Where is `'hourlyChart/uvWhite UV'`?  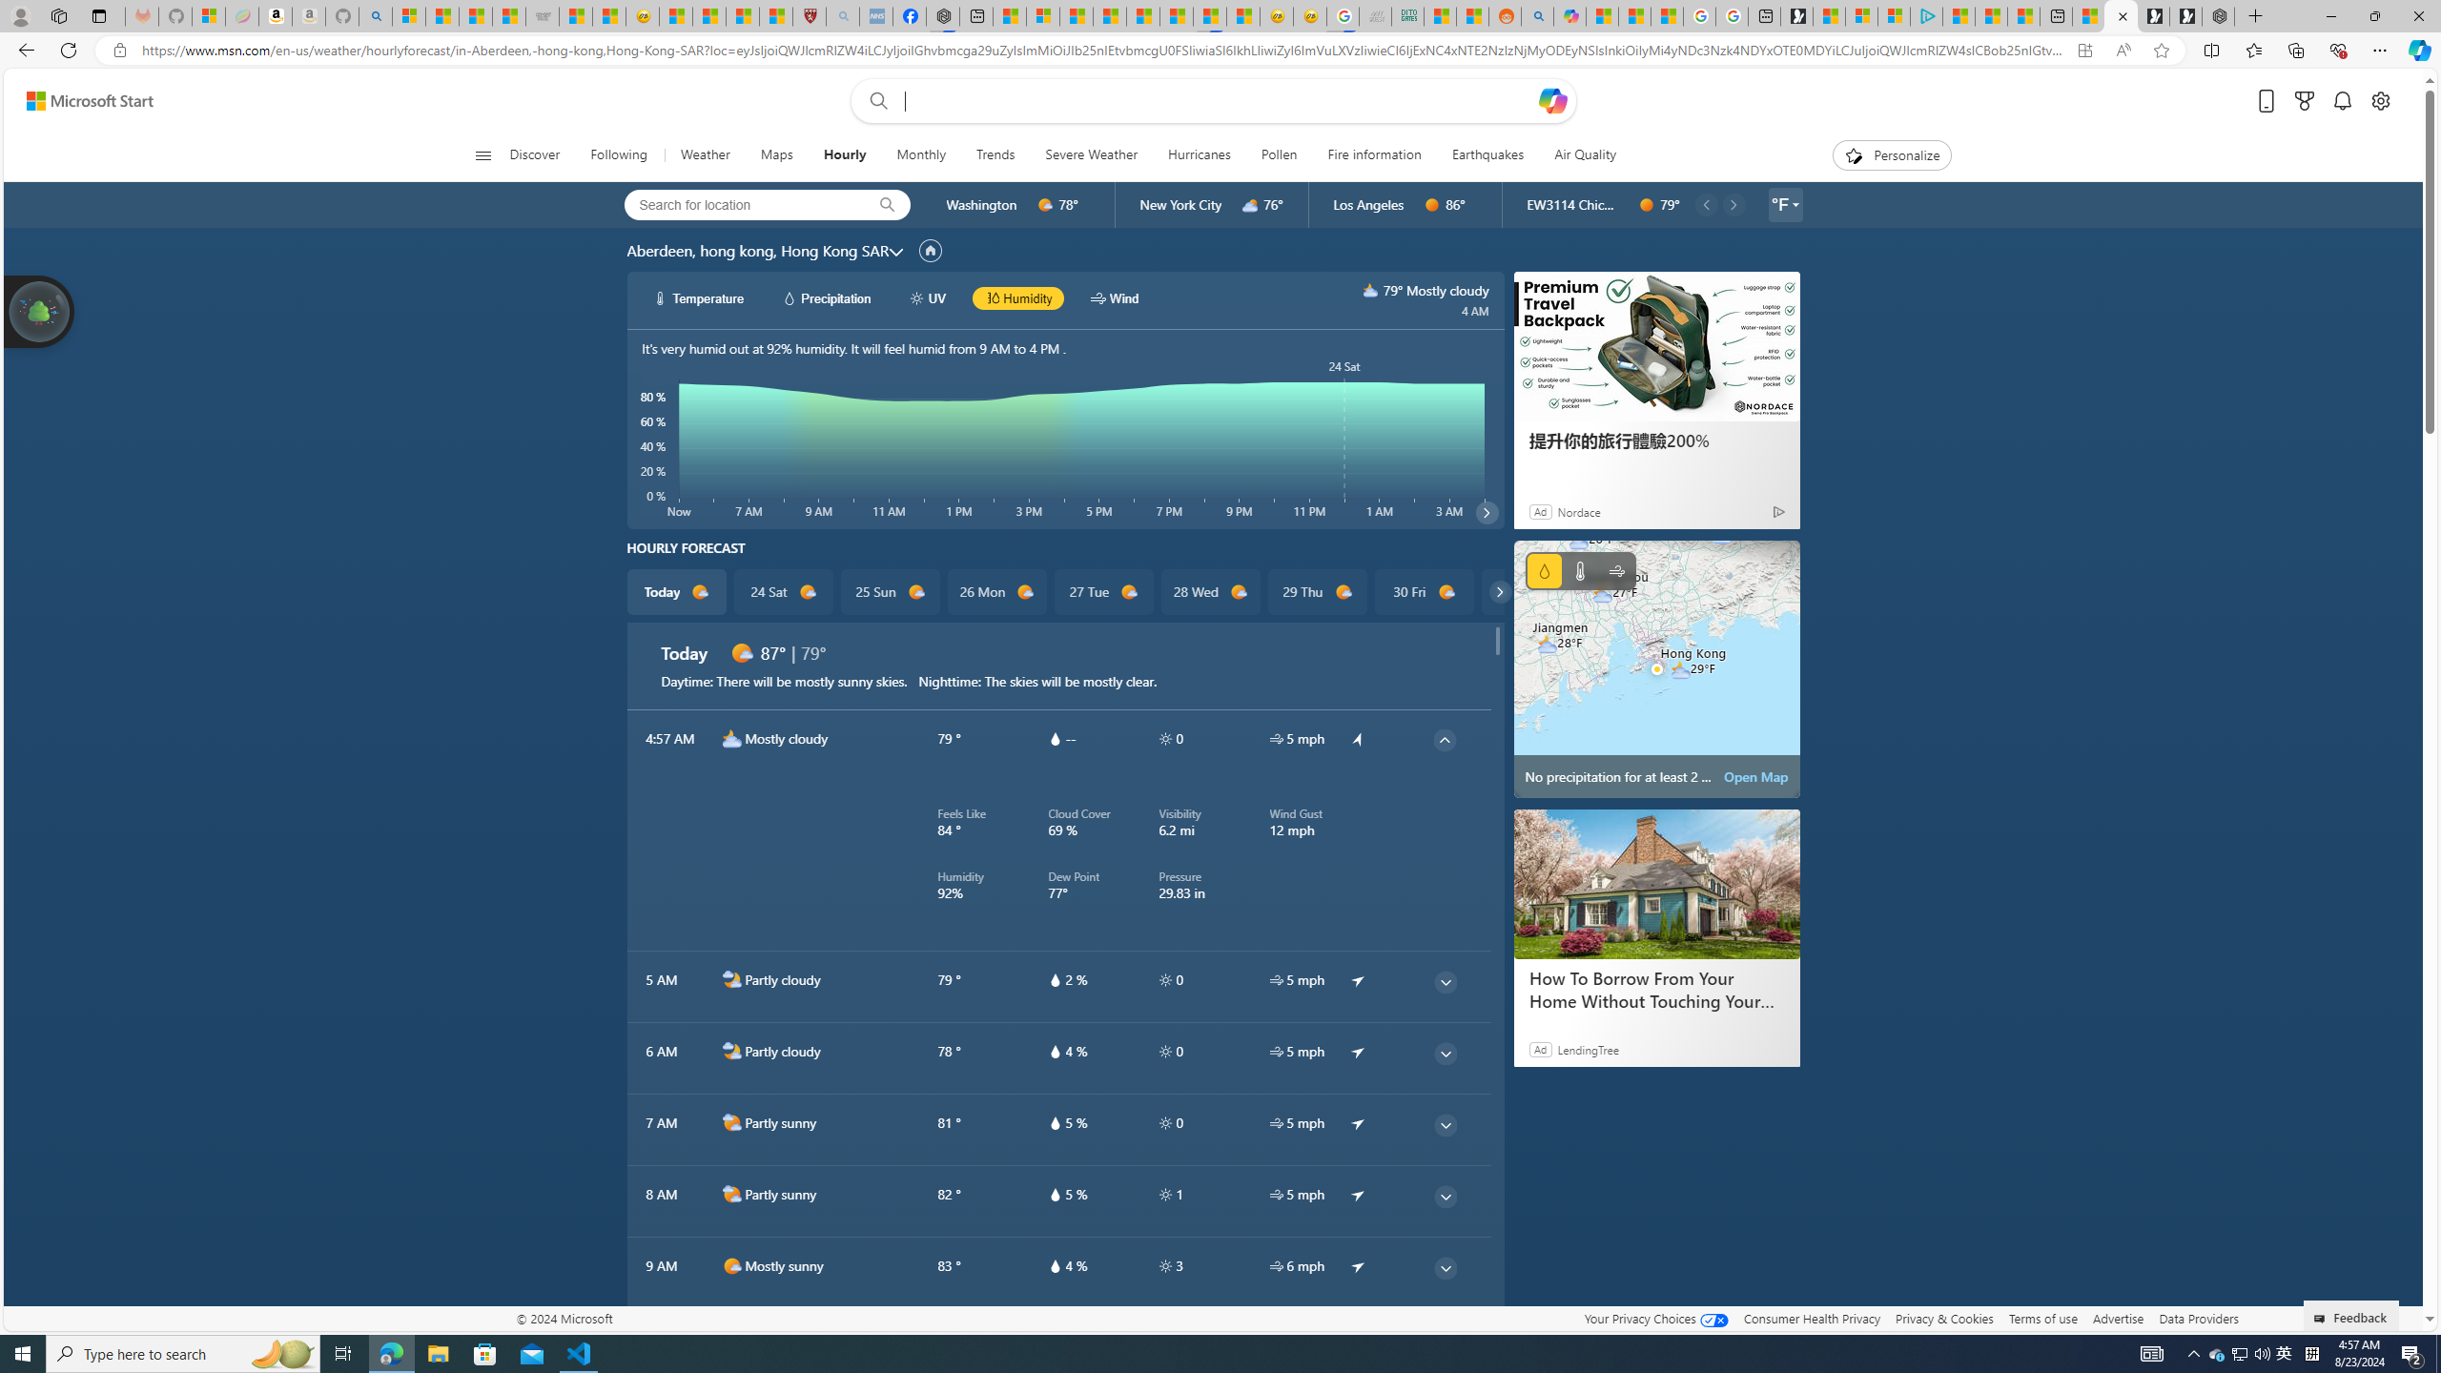 'hourlyChart/uvWhite UV' is located at coordinates (929, 298).